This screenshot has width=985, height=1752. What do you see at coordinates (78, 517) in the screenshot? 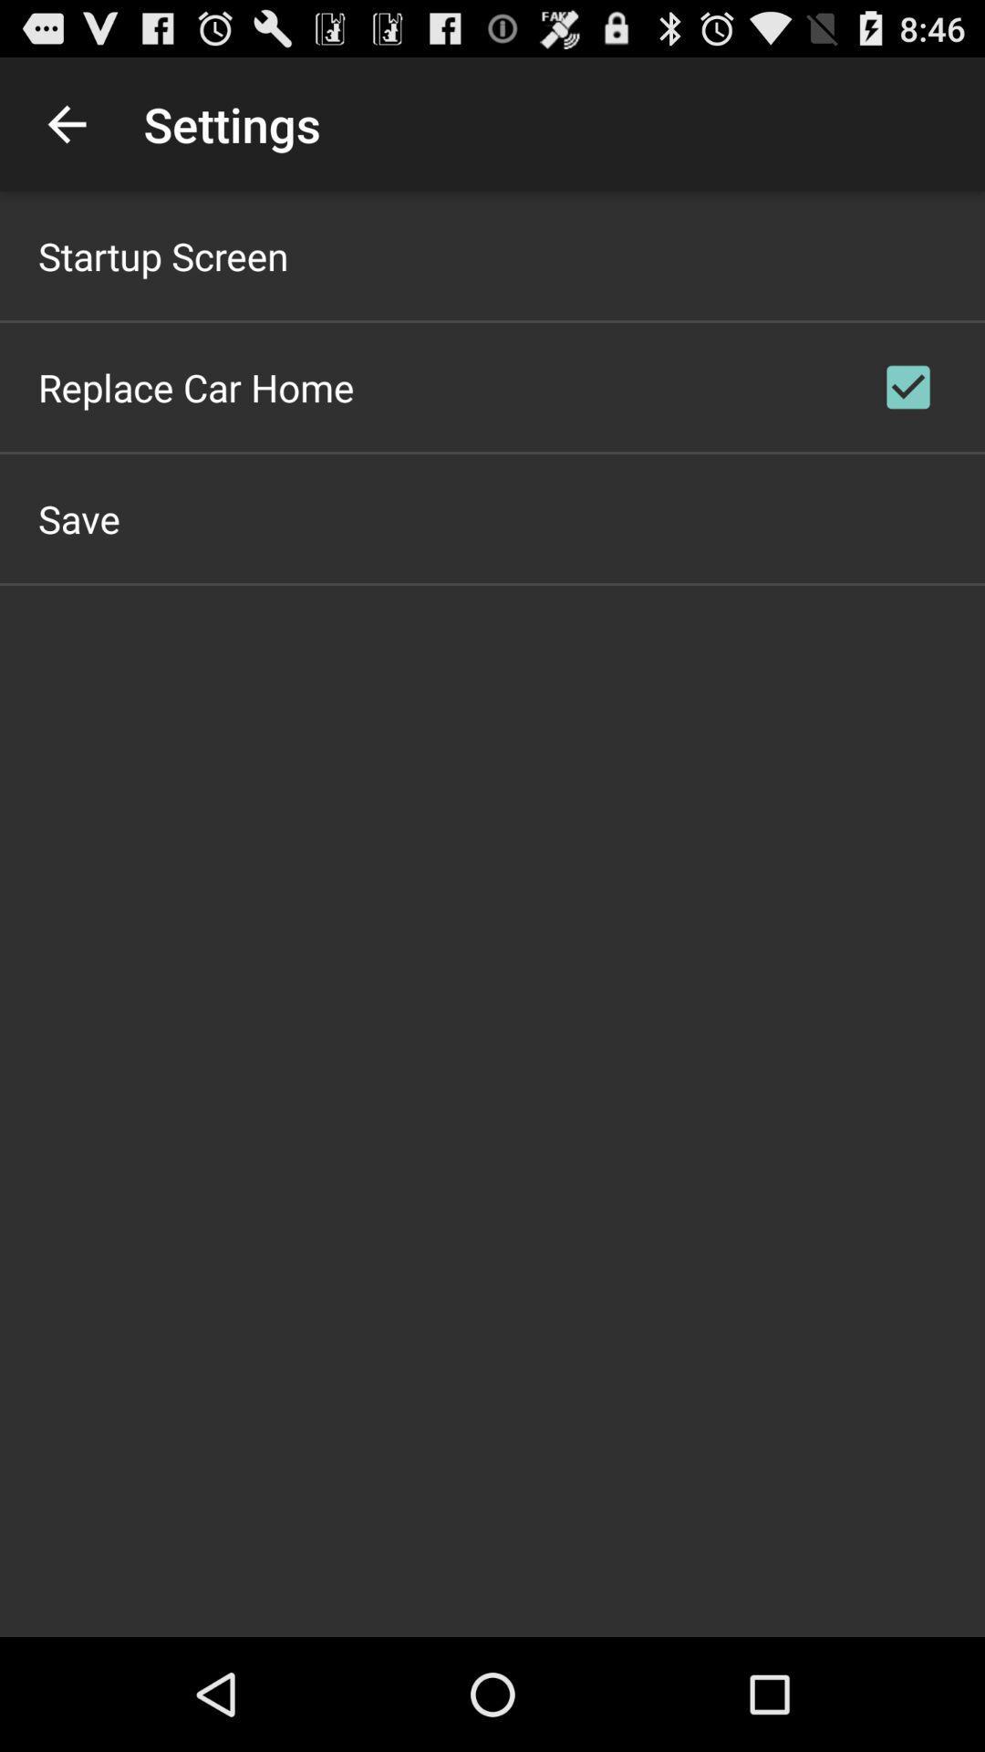
I see `save app` at bounding box center [78, 517].